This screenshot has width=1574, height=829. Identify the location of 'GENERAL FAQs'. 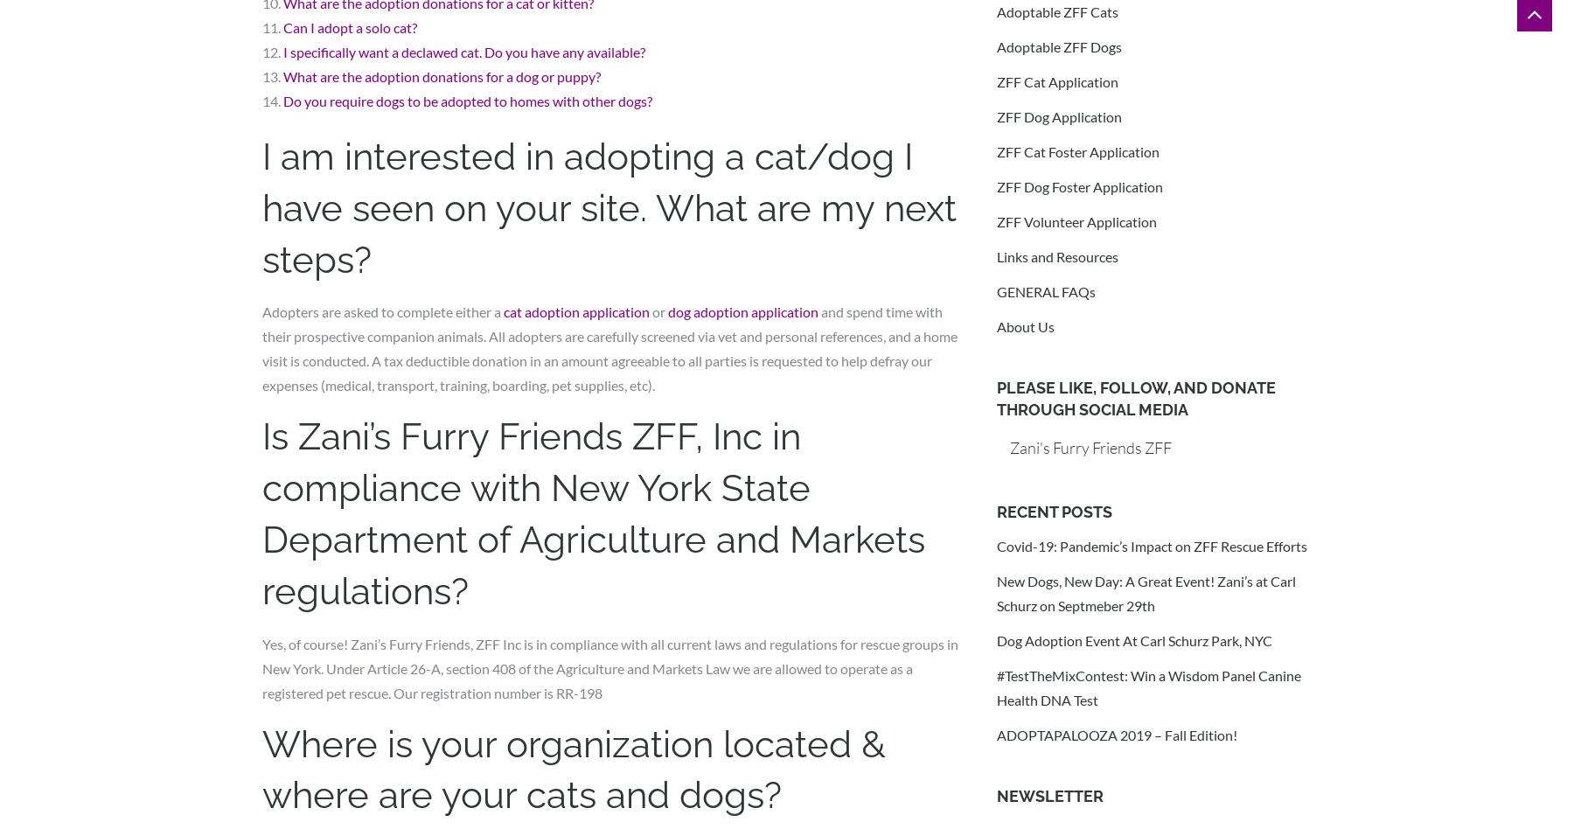
(1045, 291).